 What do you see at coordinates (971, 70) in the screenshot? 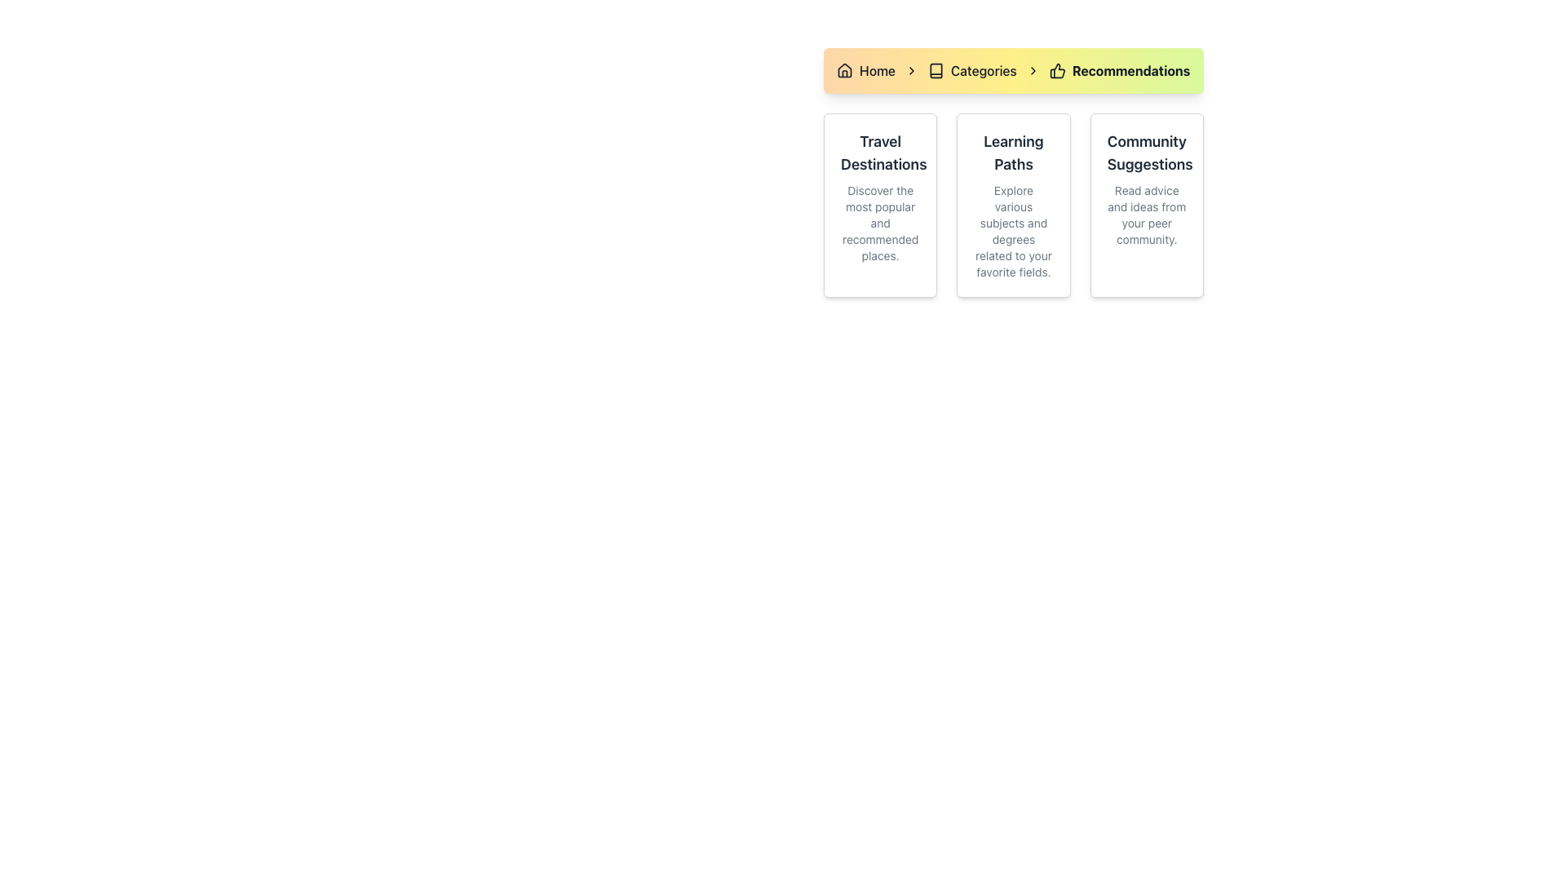
I see `the second navigation link in the breadcrumb` at bounding box center [971, 70].